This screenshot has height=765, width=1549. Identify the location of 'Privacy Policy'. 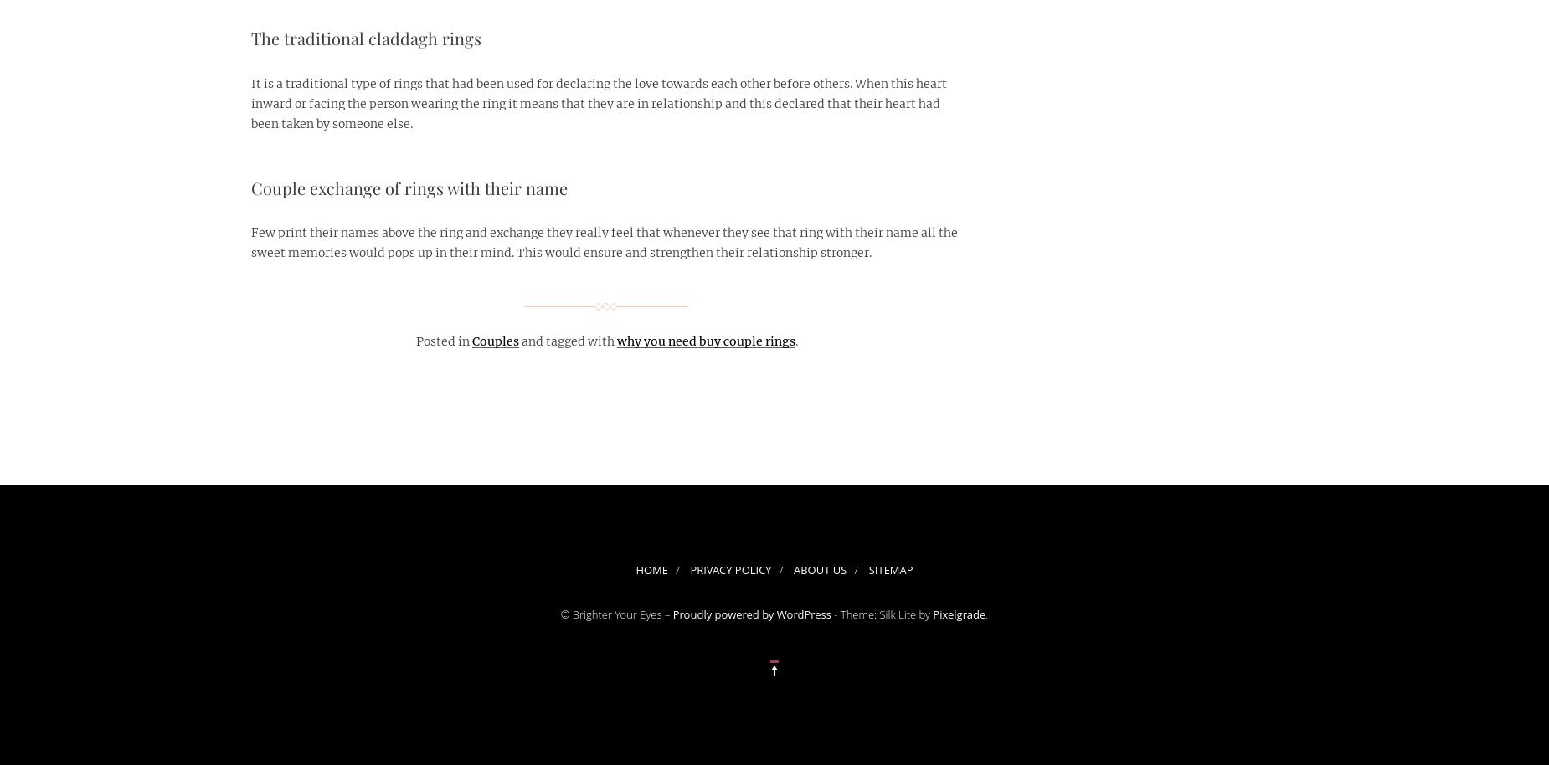
(730, 569).